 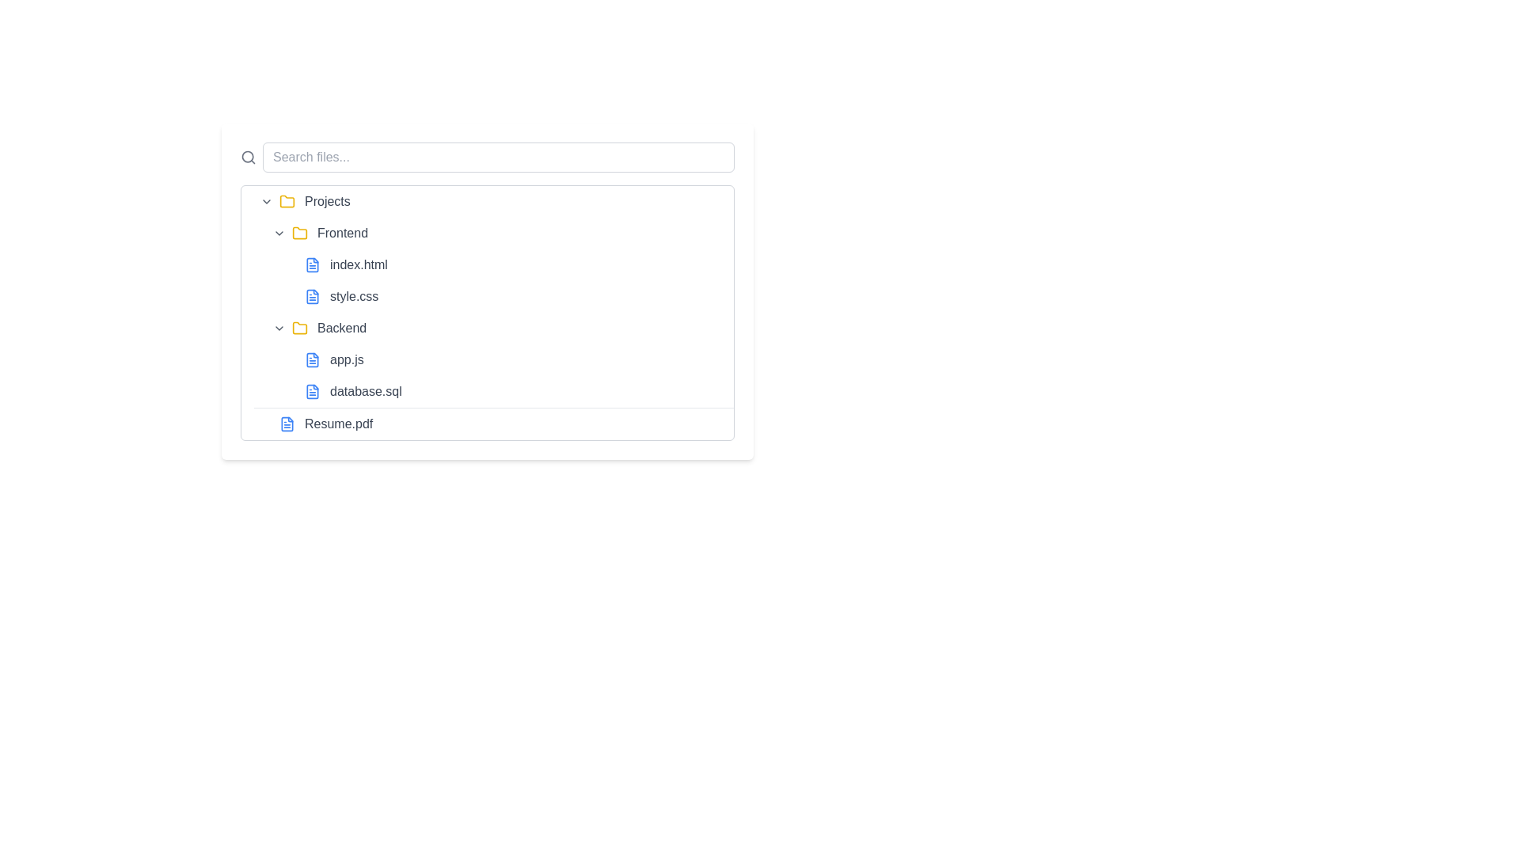 I want to click on the icon representing the 'index.html' file located in the 'Frontend' folder, so click(x=312, y=264).